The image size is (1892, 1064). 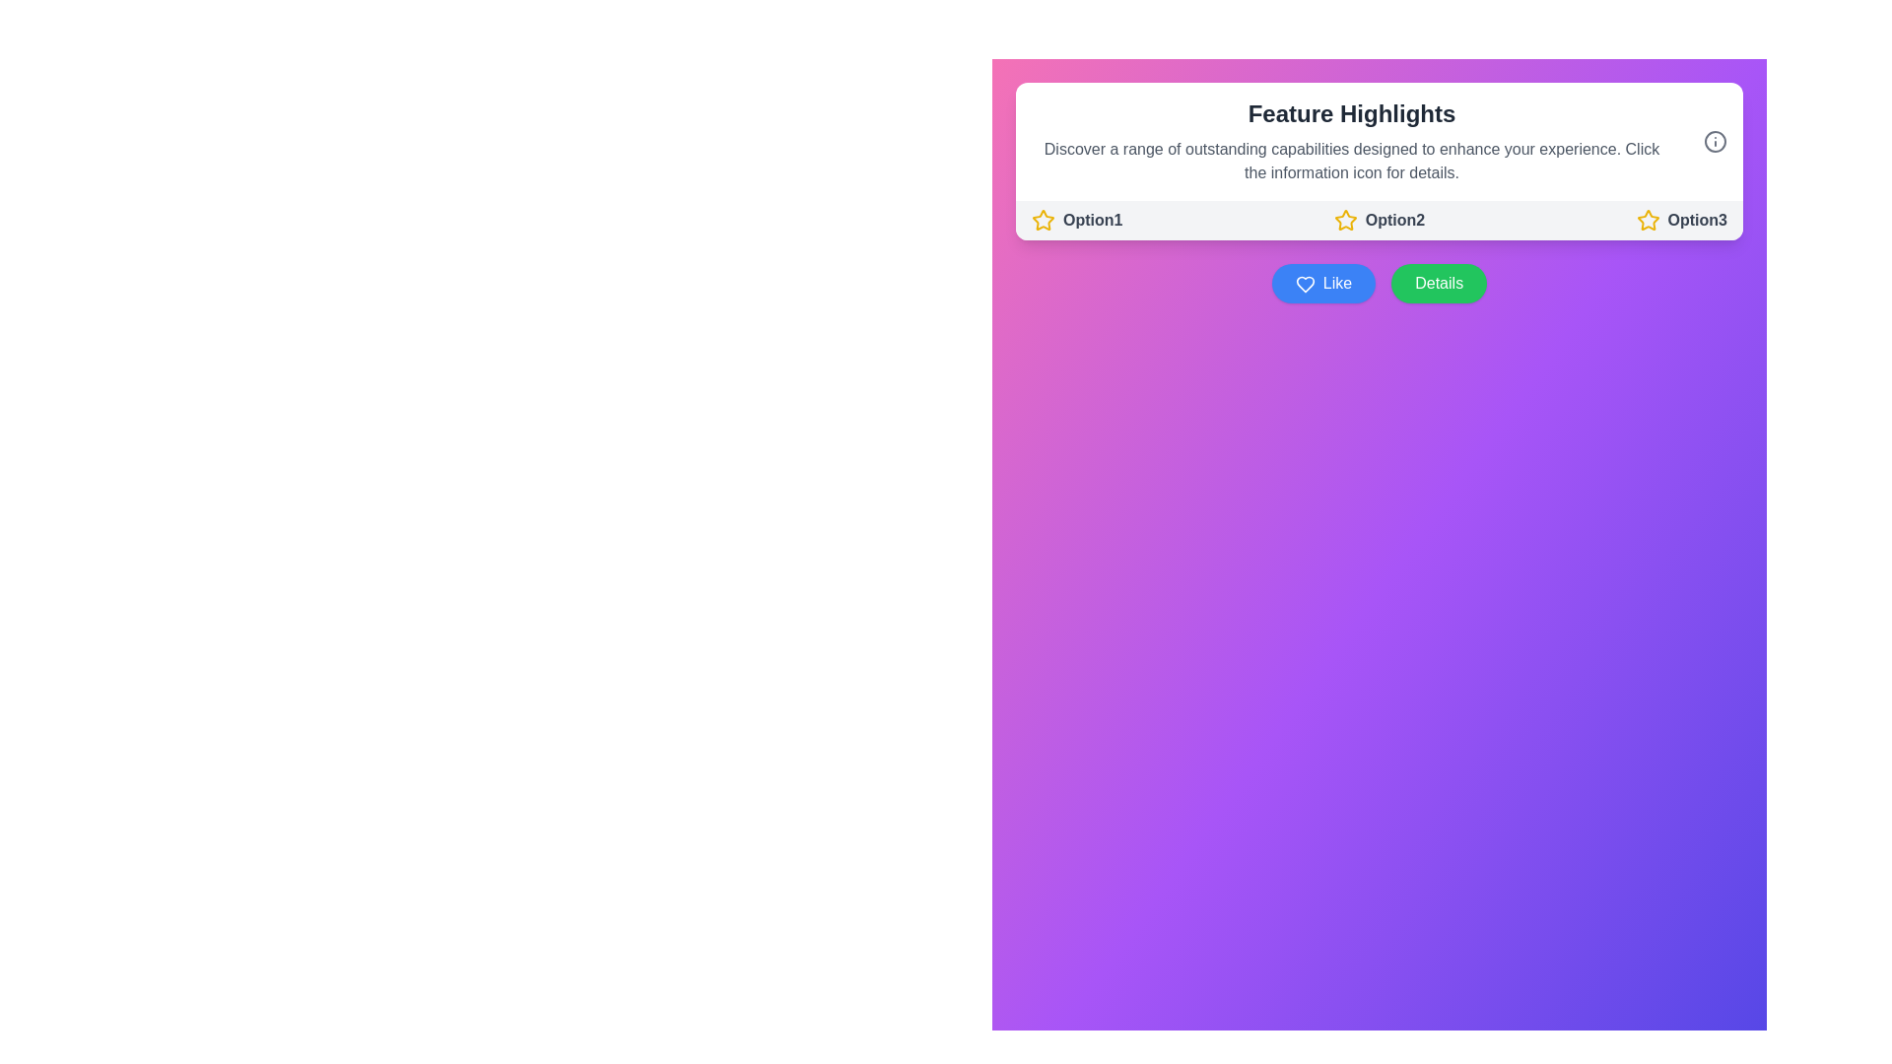 I want to click on the star icon associated with 'Option3', which denotes it as a favorite or highlighted option, so click(x=1648, y=220).